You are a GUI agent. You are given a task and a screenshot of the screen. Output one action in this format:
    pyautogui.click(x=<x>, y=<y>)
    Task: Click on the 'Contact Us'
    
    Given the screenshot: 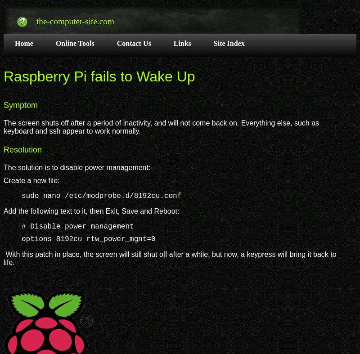 What is the action you would take?
    pyautogui.click(x=133, y=42)
    